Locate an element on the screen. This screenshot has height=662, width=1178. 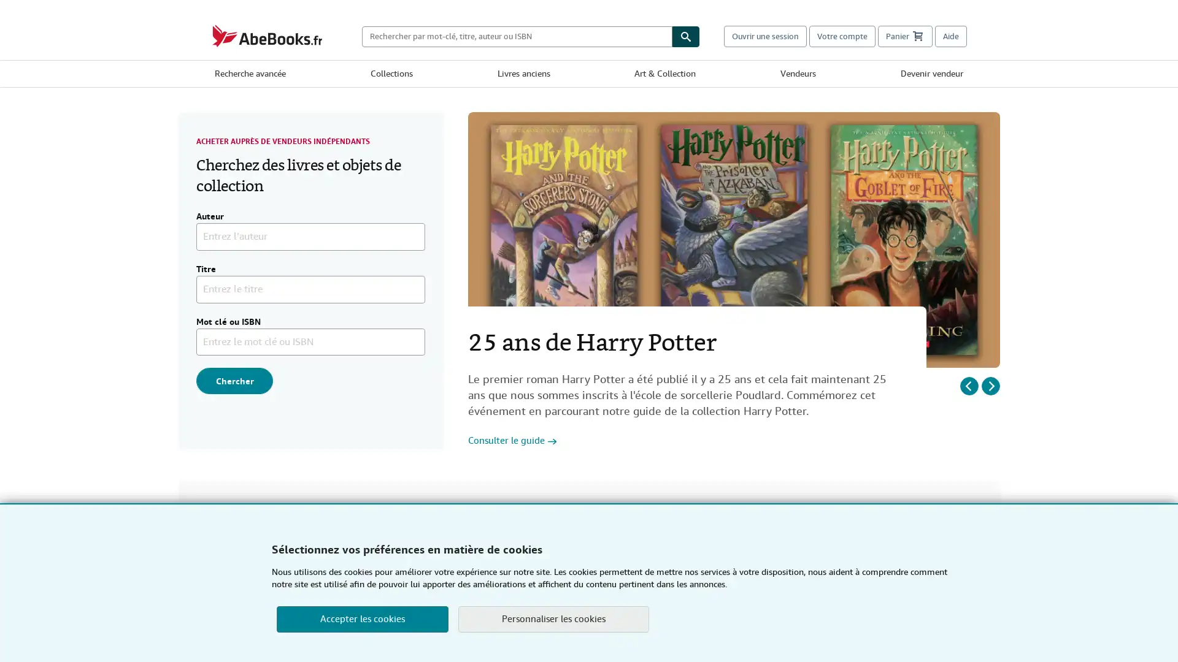
Previous is located at coordinates (968, 384).